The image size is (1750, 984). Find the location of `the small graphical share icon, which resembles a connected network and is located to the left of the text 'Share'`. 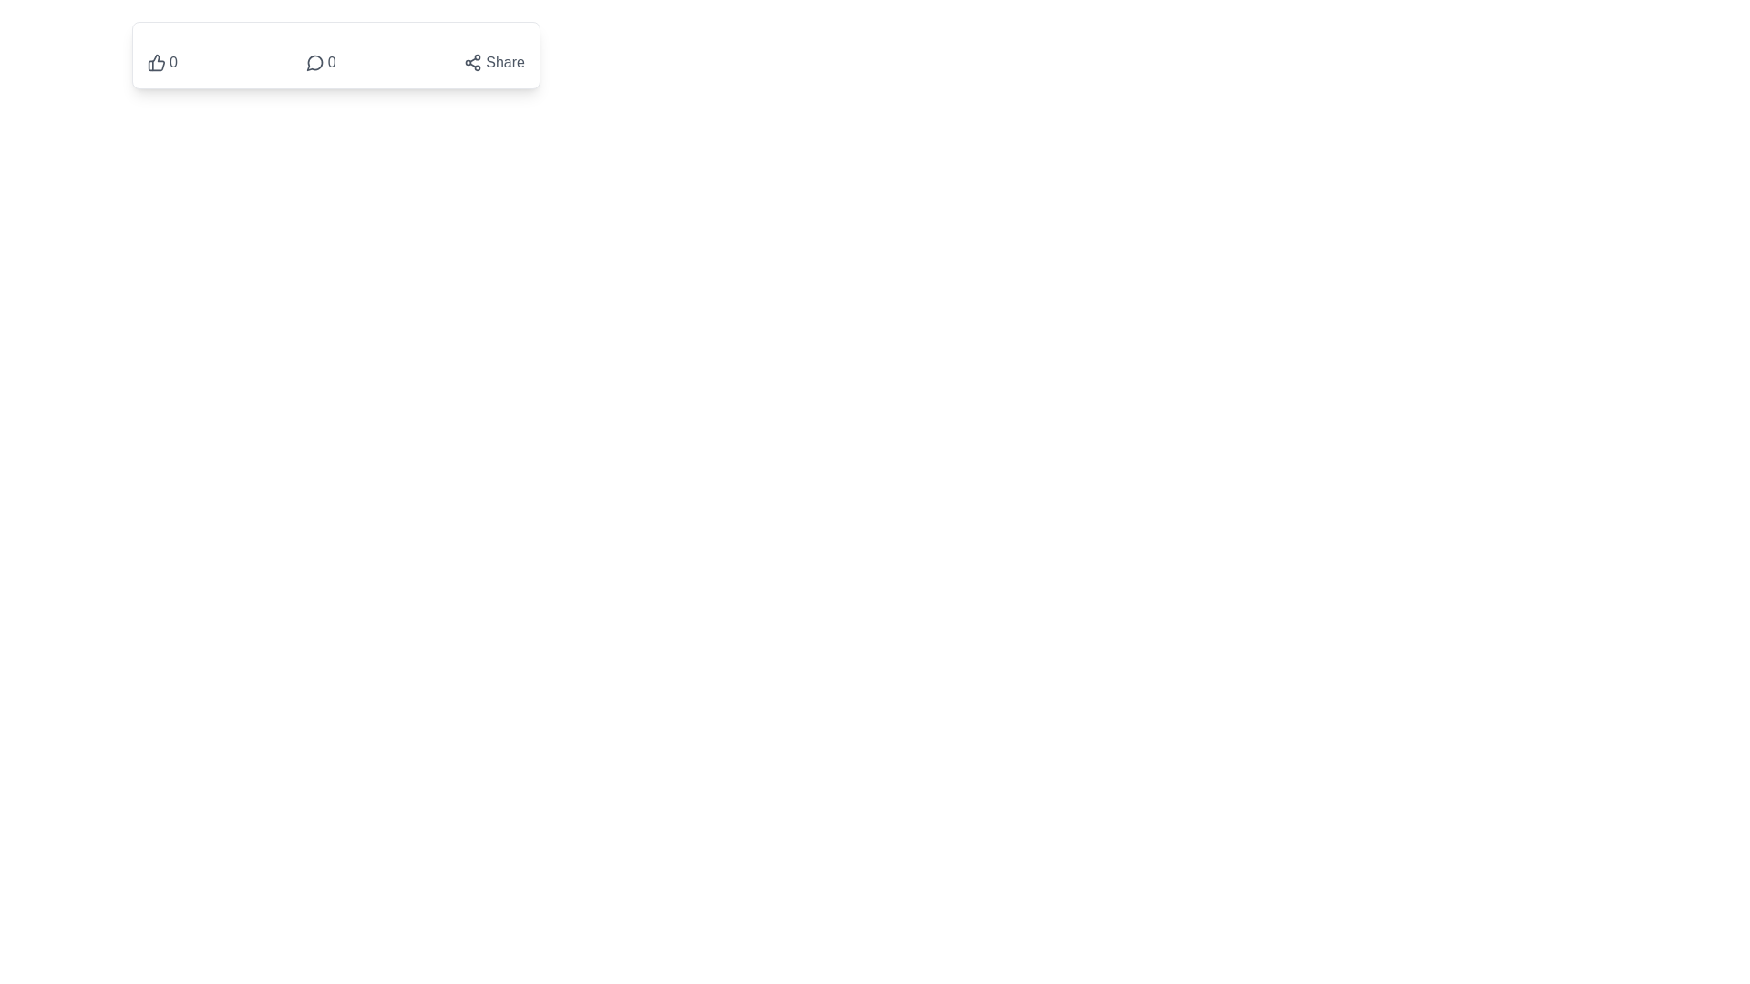

the small graphical share icon, which resembles a connected network and is located to the left of the text 'Share' is located at coordinates (473, 62).